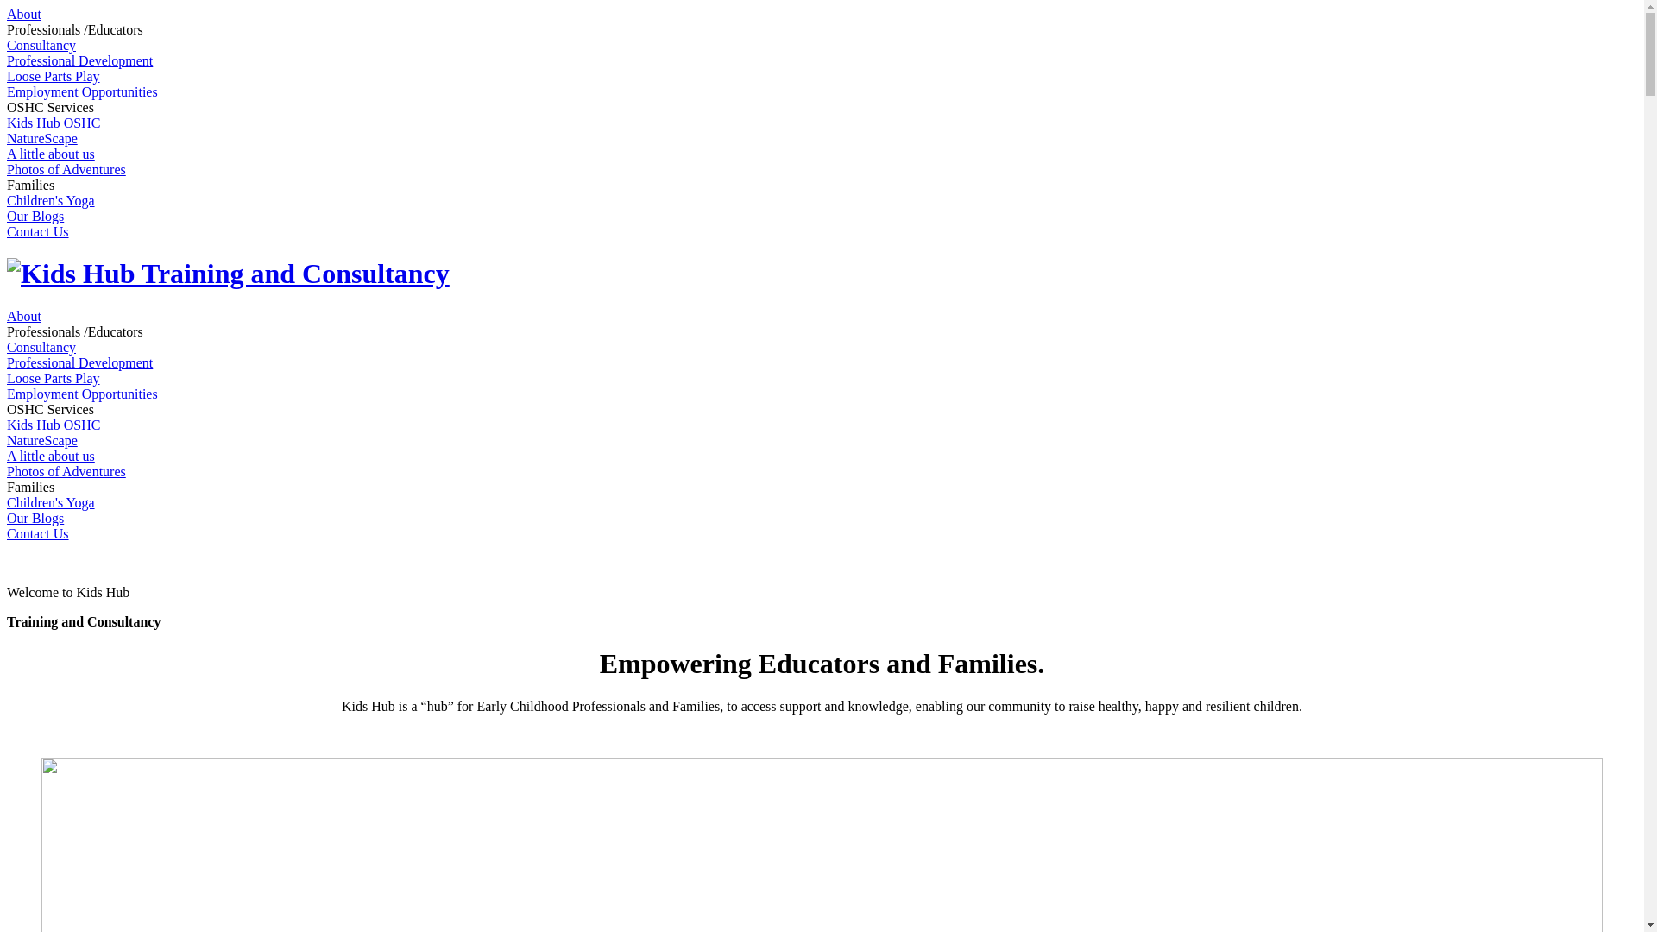  Describe the element at coordinates (79, 362) in the screenshot. I see `'Professional Development'` at that location.